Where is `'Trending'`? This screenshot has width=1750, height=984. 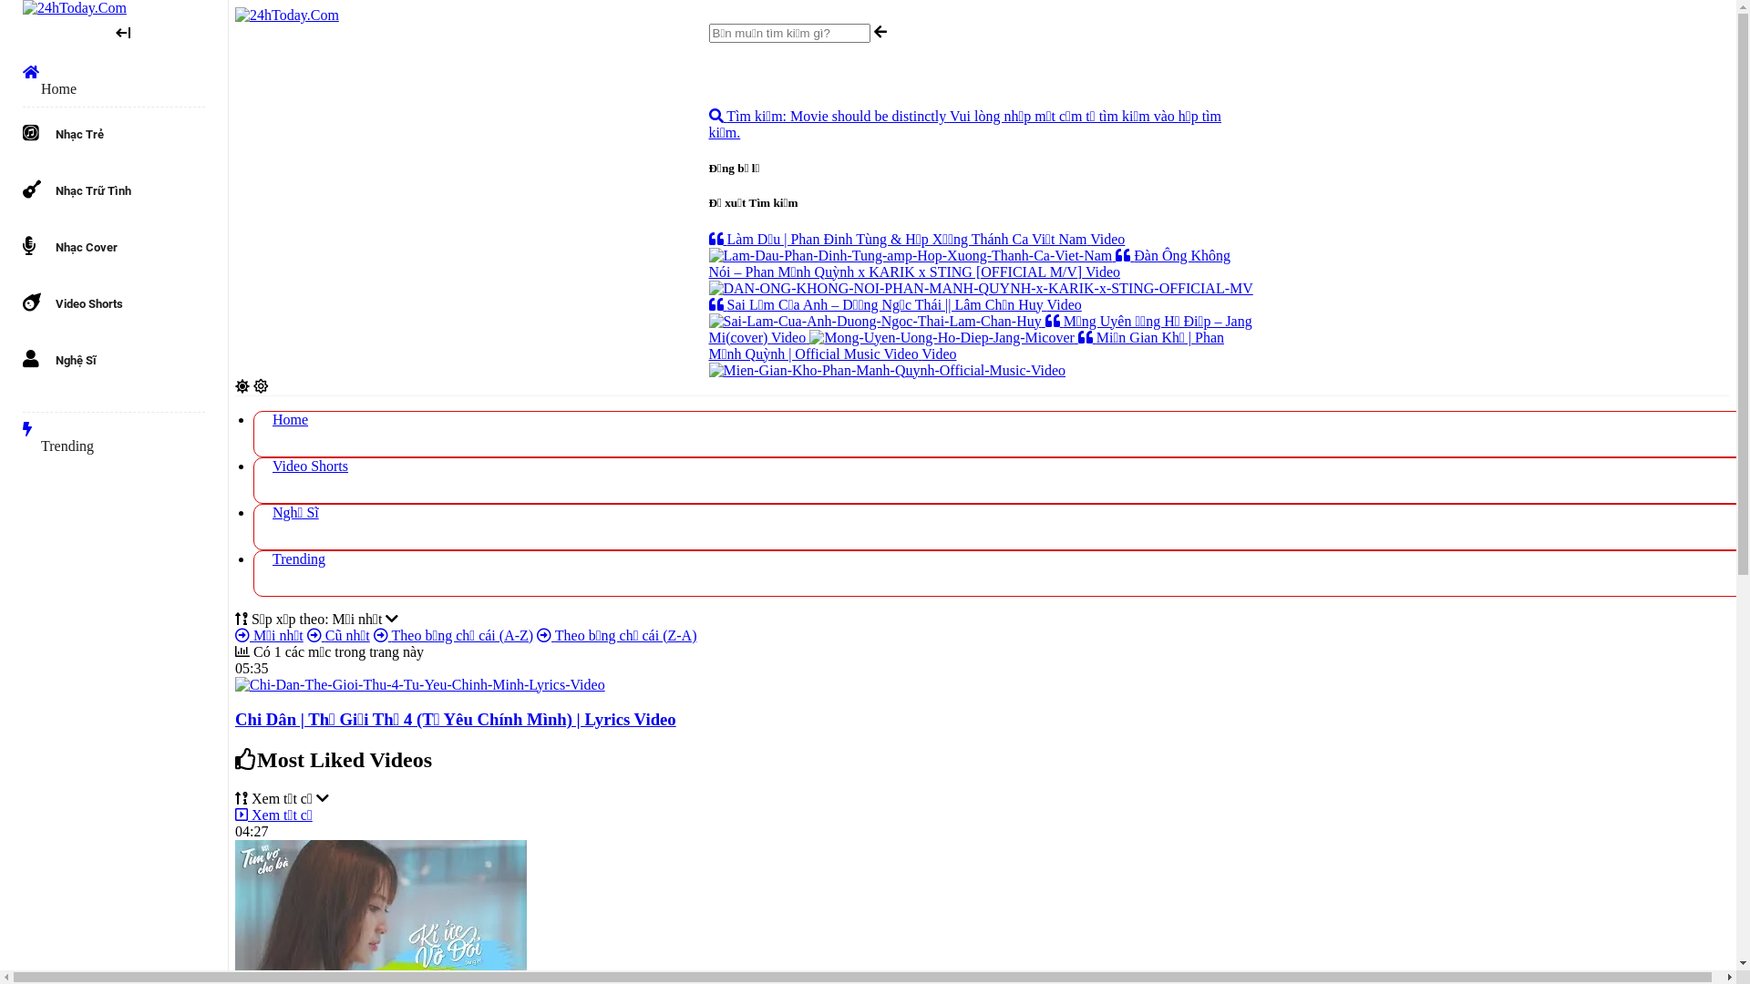 'Trending' is located at coordinates (22, 433).